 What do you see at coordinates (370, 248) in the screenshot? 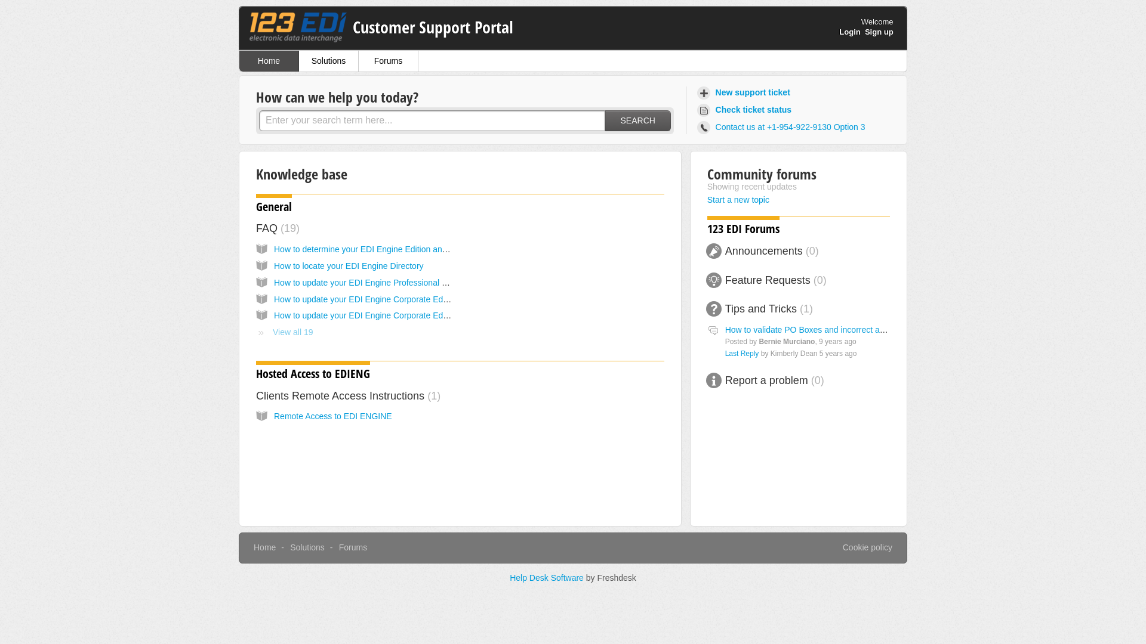
I see `'How to determine your EDI Engine Edition and Build'` at bounding box center [370, 248].